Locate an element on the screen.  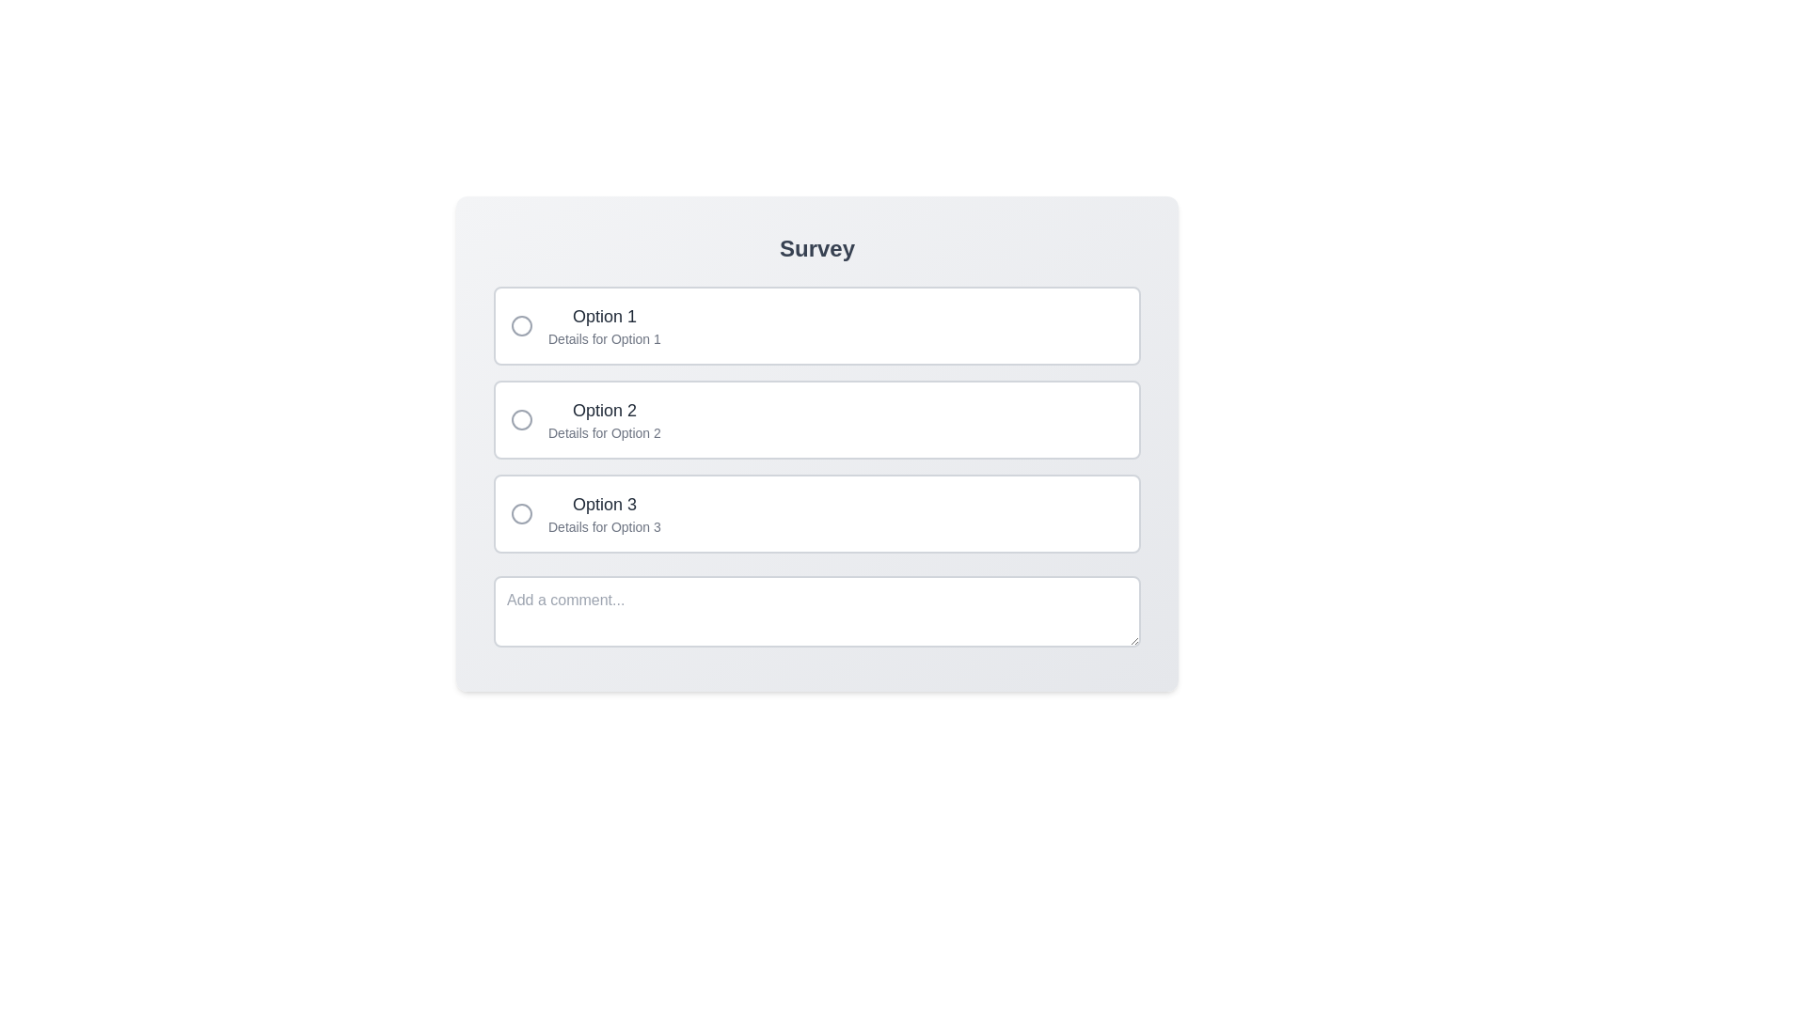
the radio button corresponding to 'Option 2' is located at coordinates (522, 419).